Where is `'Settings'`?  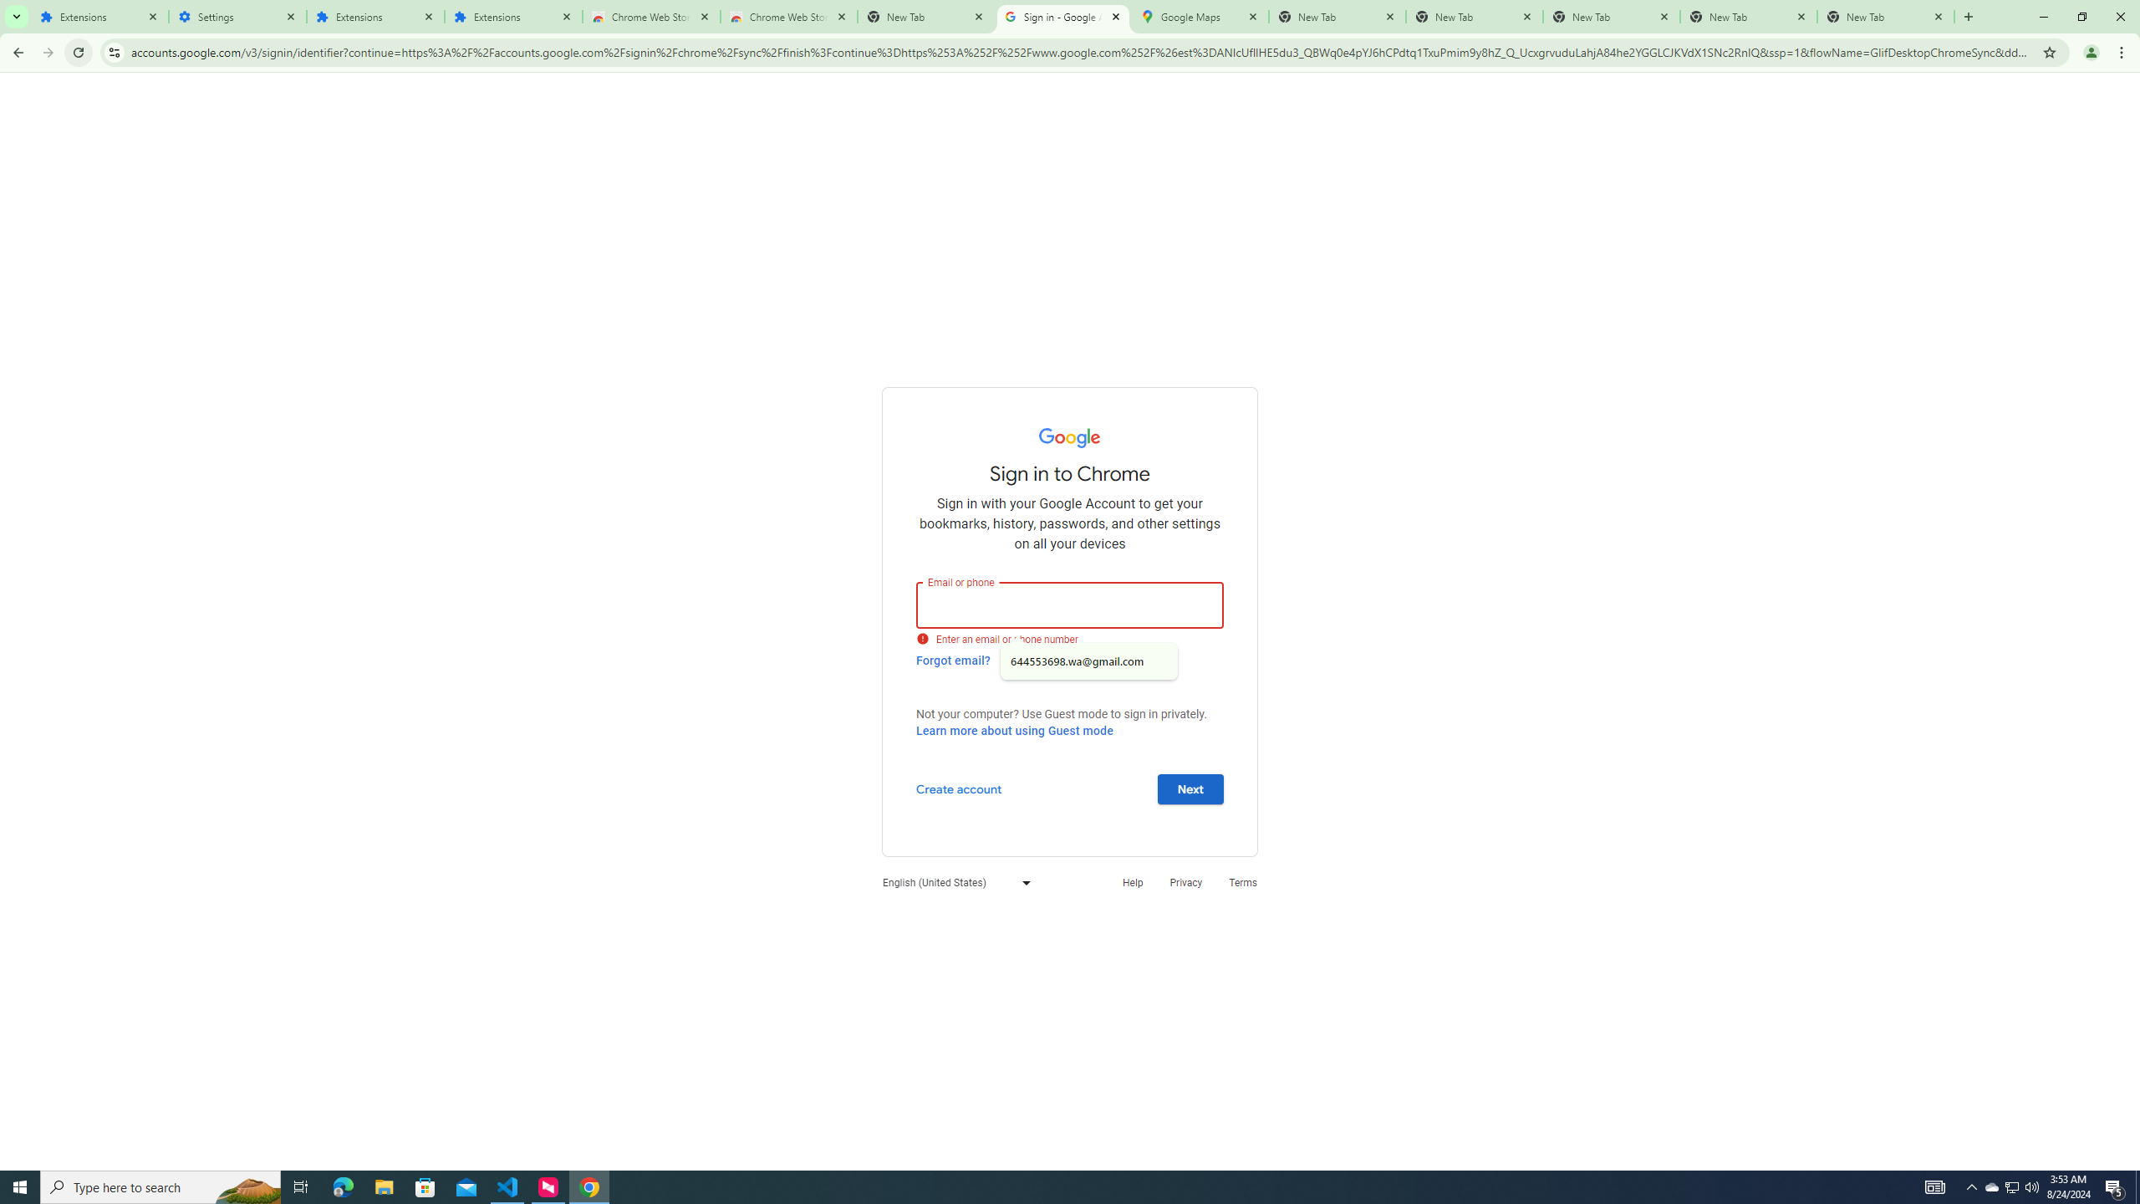
'Settings' is located at coordinates (237, 16).